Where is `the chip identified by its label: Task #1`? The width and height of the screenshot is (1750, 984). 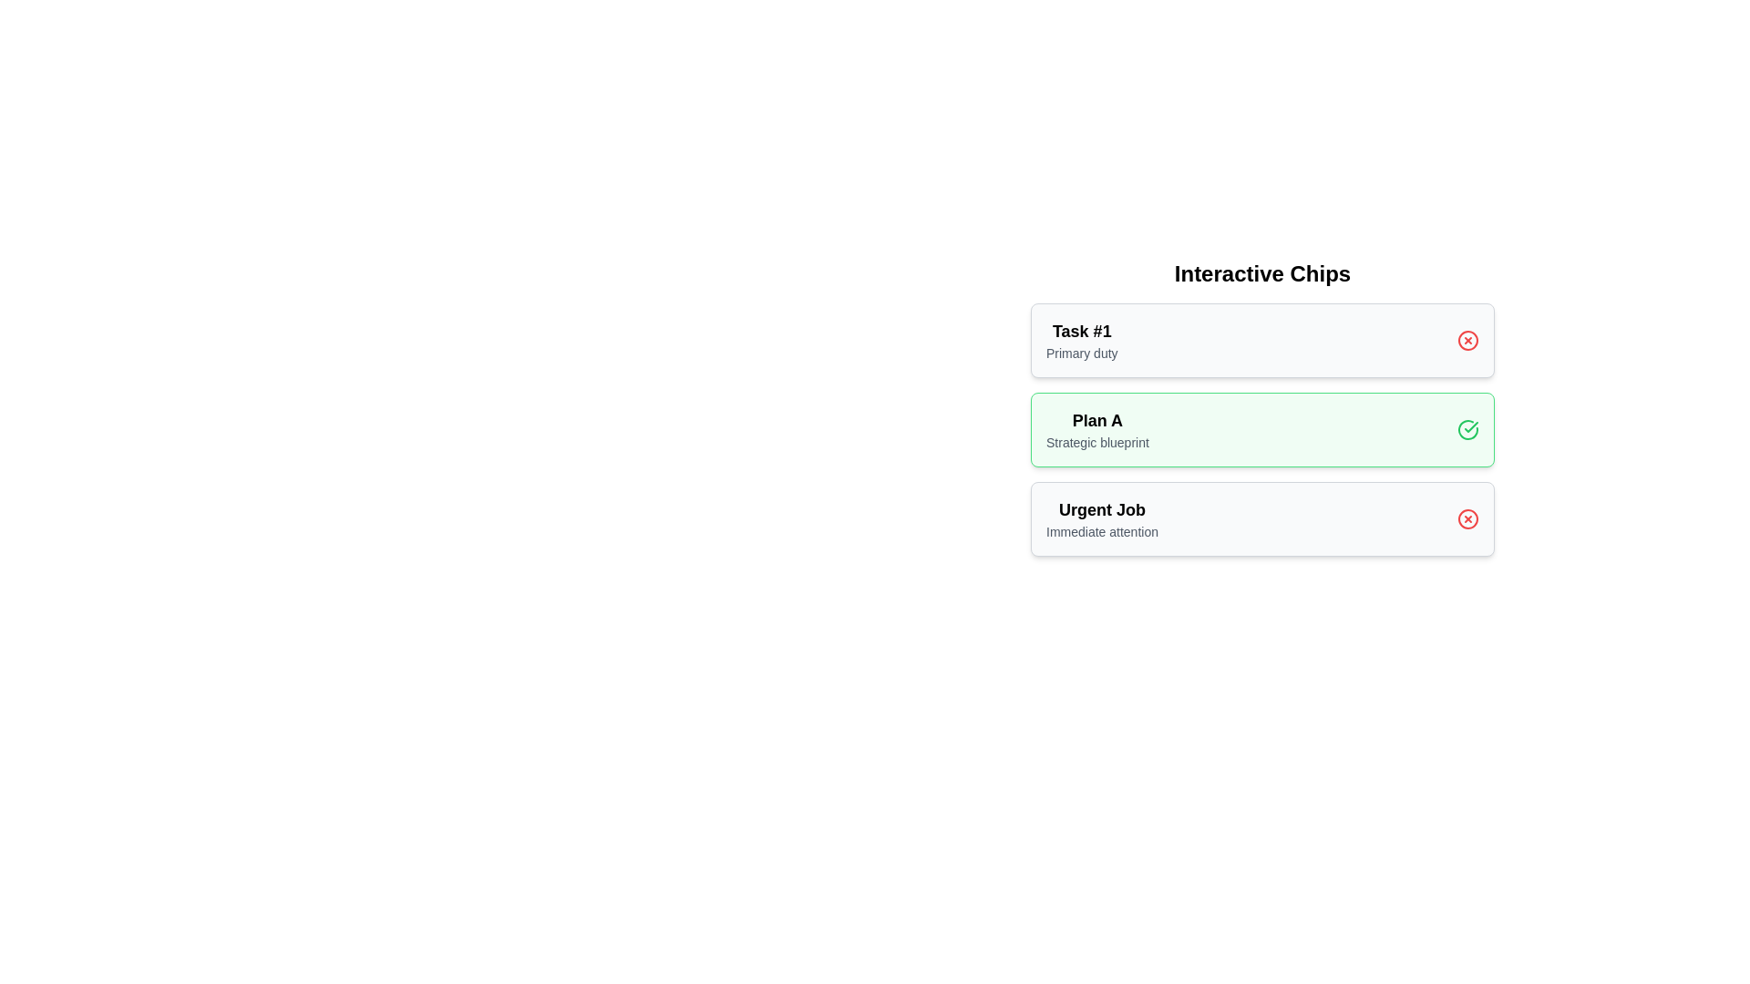 the chip identified by its label: Task #1 is located at coordinates (1468, 341).